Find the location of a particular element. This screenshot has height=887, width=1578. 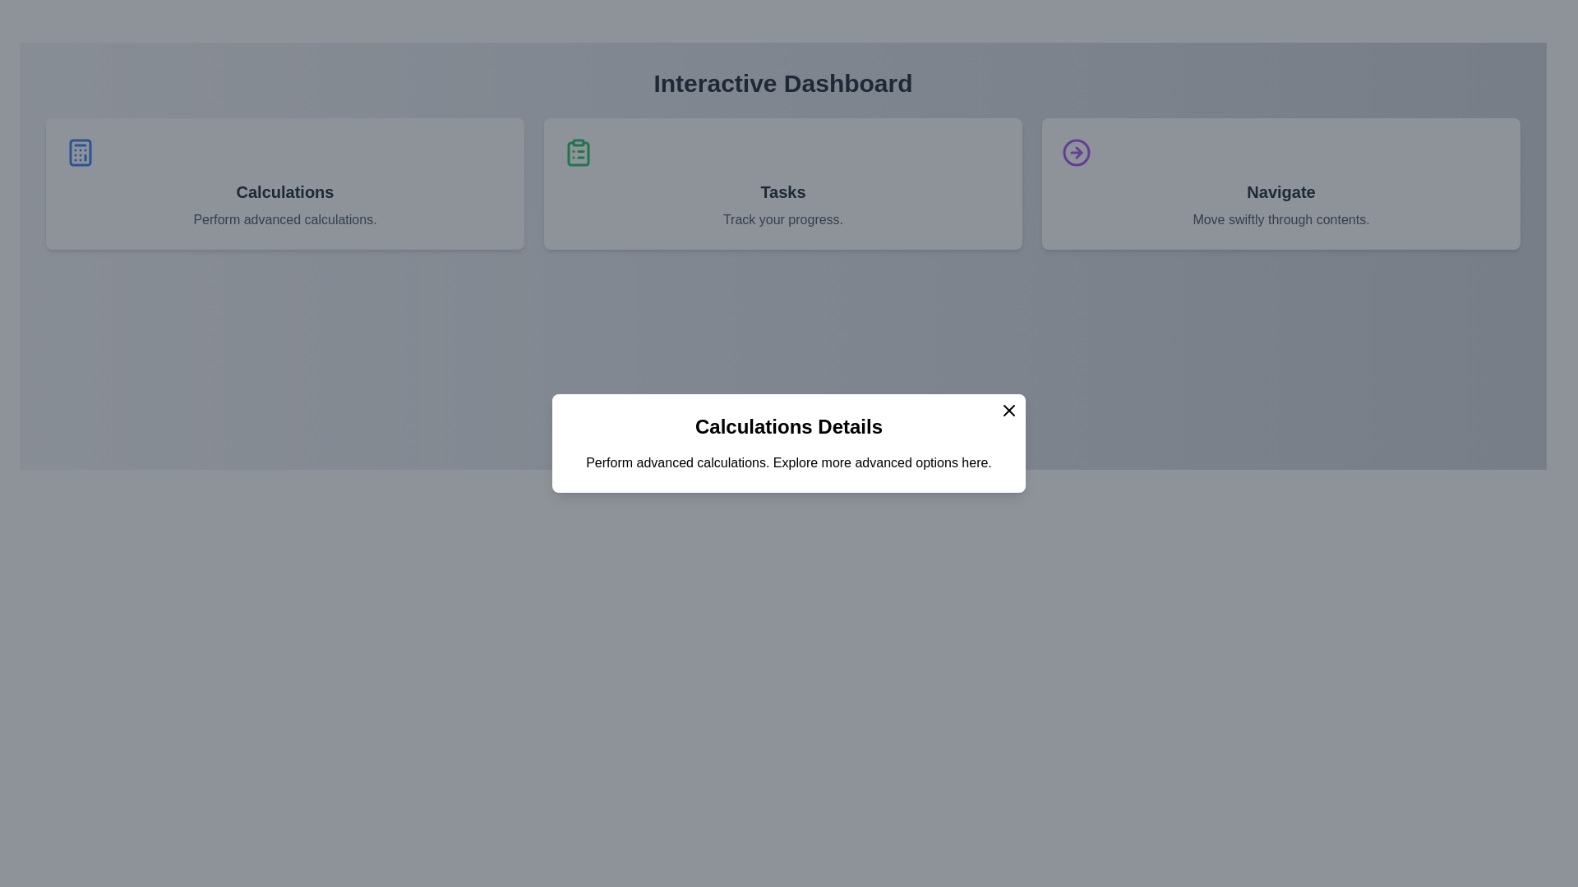

the icon located inside the second card of the main dashboard interface, positioned at the upper side of the box labeled 'Tasks' is located at coordinates (579, 154).